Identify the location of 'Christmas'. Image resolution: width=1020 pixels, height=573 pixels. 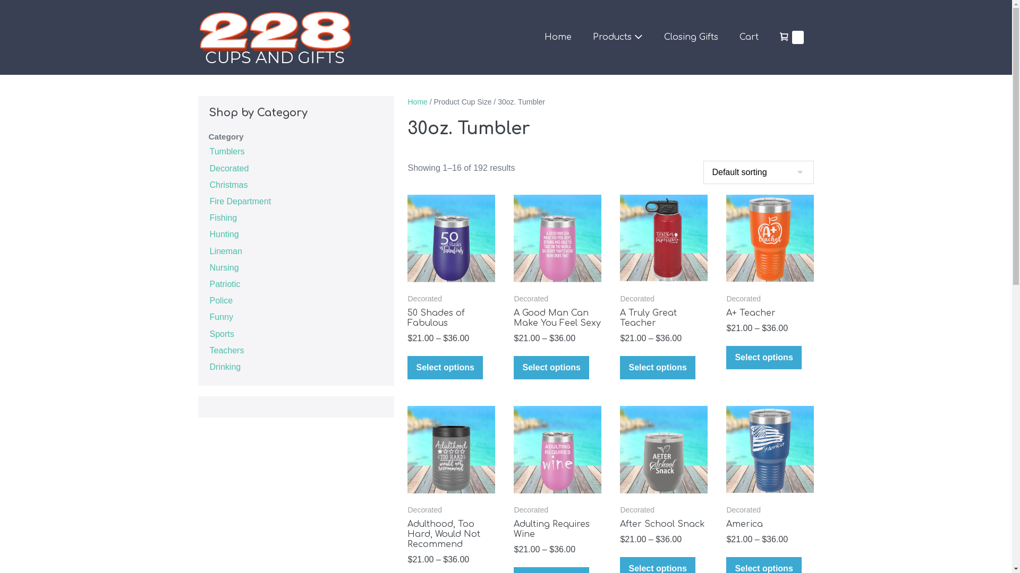
(228, 184).